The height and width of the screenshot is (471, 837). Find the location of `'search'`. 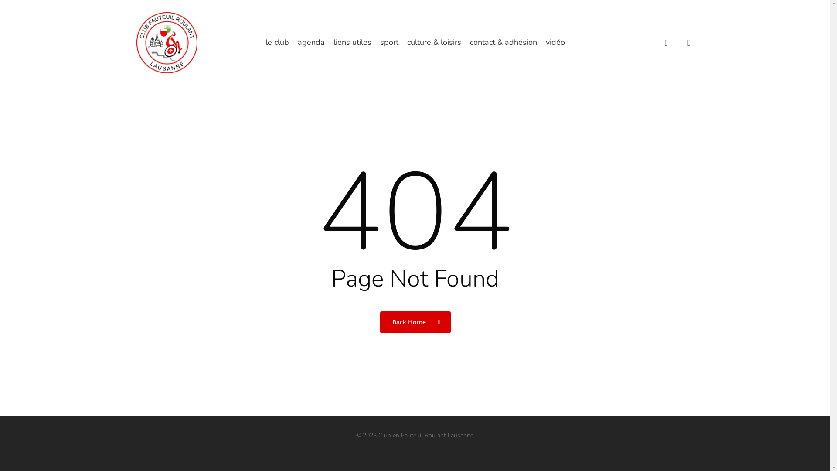

'search' is located at coordinates (665, 43).